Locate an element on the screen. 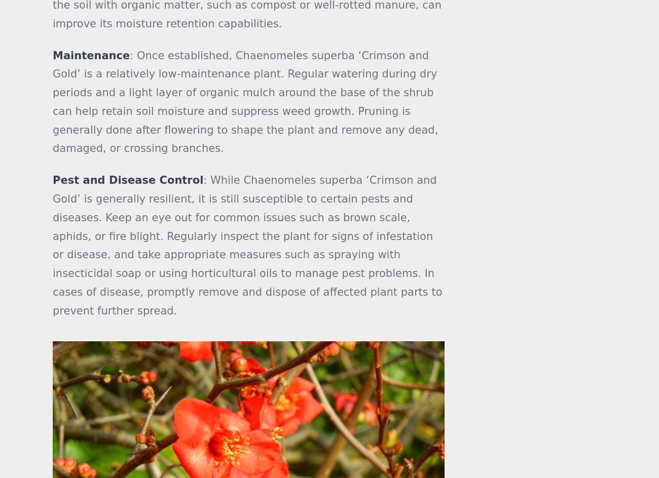  'White' is located at coordinates (568, 85).